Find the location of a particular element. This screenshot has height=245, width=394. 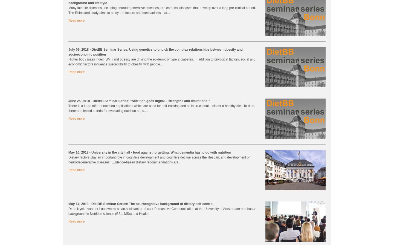

'- DietBB Seminar Series: The neurocognitive background of dietary self-control' is located at coordinates (151, 203).